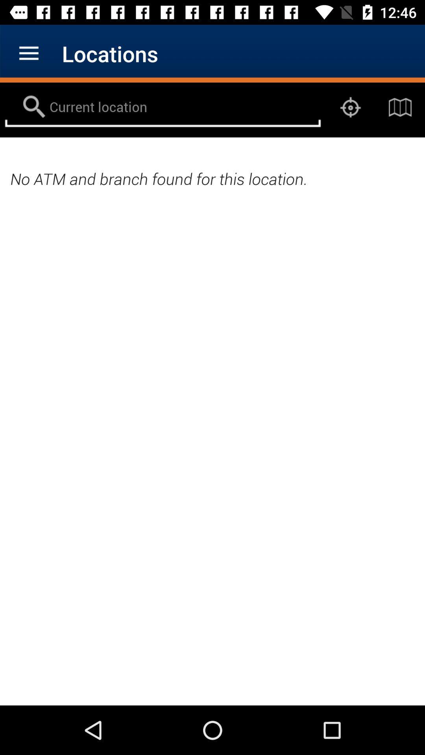 This screenshot has width=425, height=755. I want to click on the location_crosshair icon, so click(350, 107).